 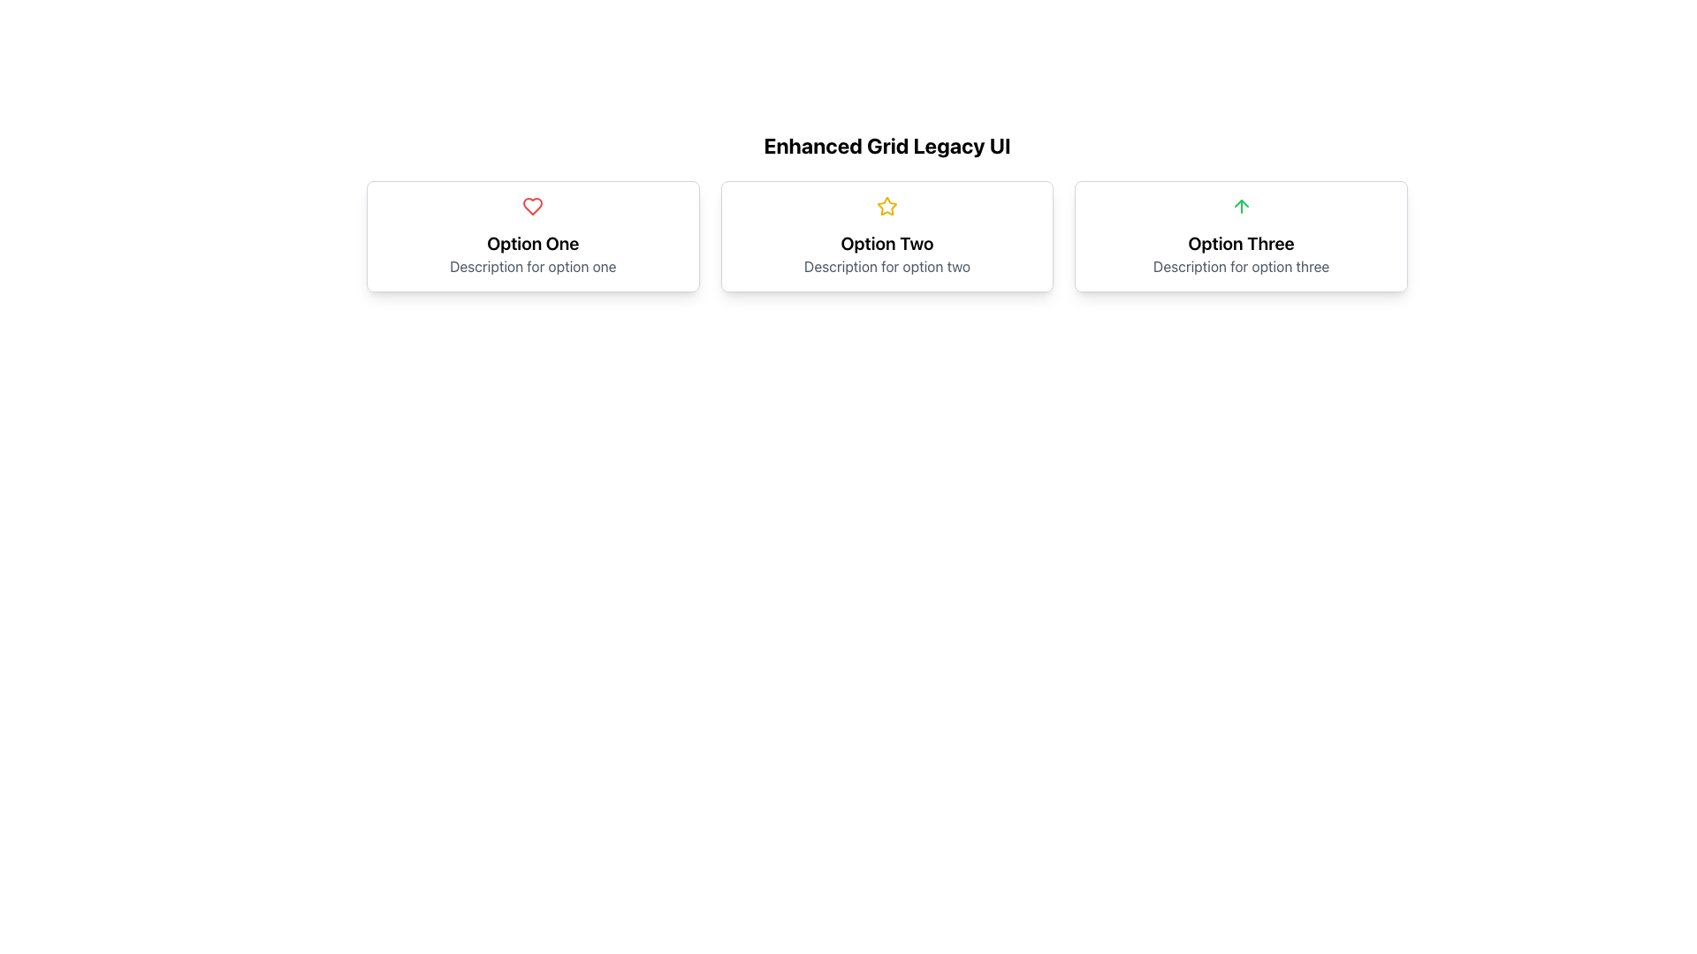 What do you see at coordinates (887, 205) in the screenshot?
I see `the prominent five-pointed star icon with a yellow outline, which is centered within the box labeled 'Option Two' in the second card of a row of three cards` at bounding box center [887, 205].